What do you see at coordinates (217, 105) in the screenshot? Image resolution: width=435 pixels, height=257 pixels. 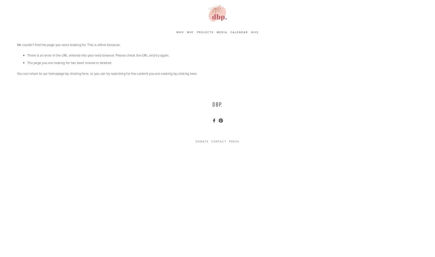 I see `'dbp.'` at bounding box center [217, 105].